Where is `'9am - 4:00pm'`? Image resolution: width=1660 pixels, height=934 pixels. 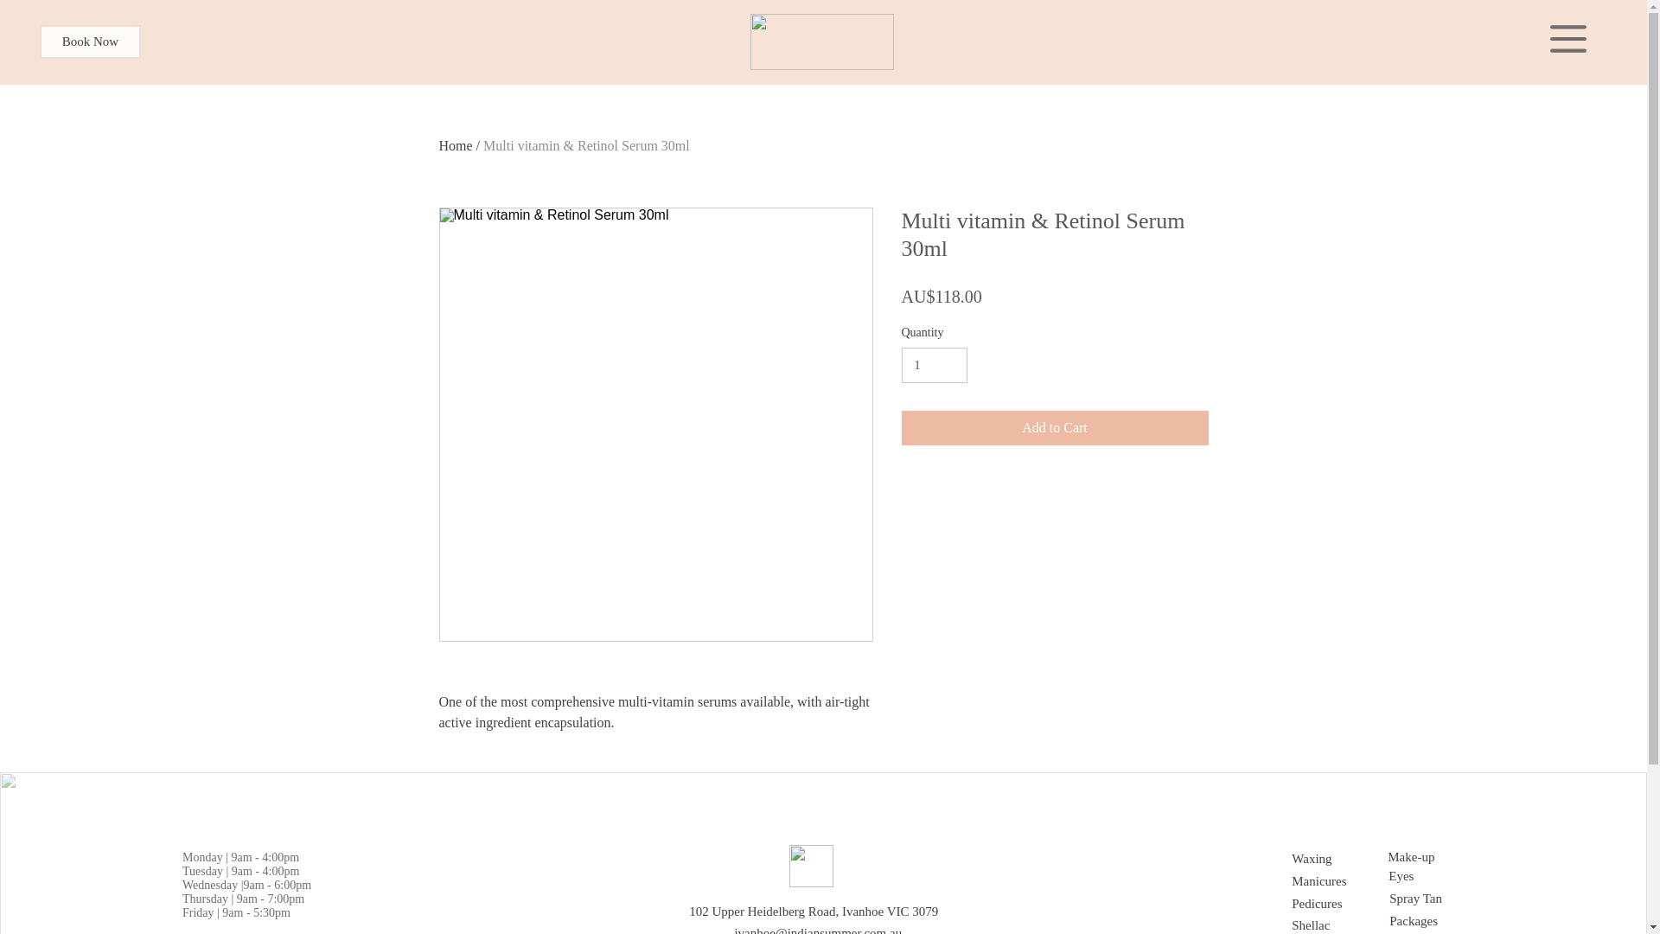
'9am - 4:00pm' is located at coordinates (264, 857).